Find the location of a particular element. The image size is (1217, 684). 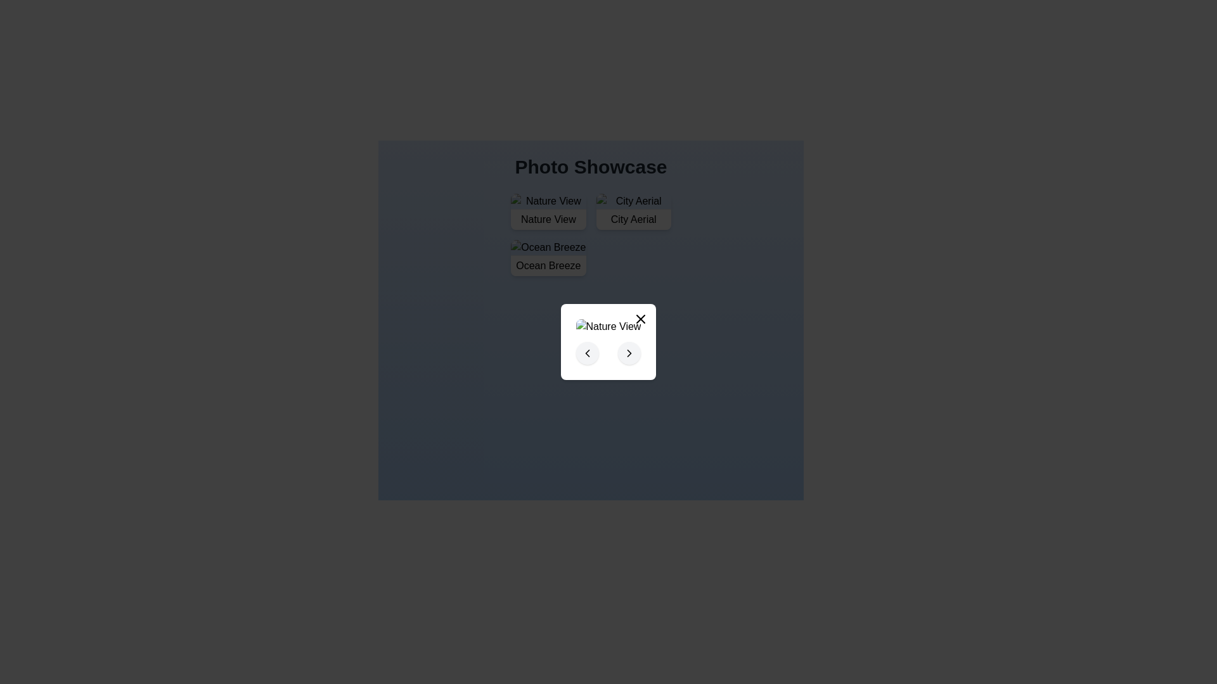

the leftward-pointing chevron icon within the circular button is located at coordinates (586, 353).